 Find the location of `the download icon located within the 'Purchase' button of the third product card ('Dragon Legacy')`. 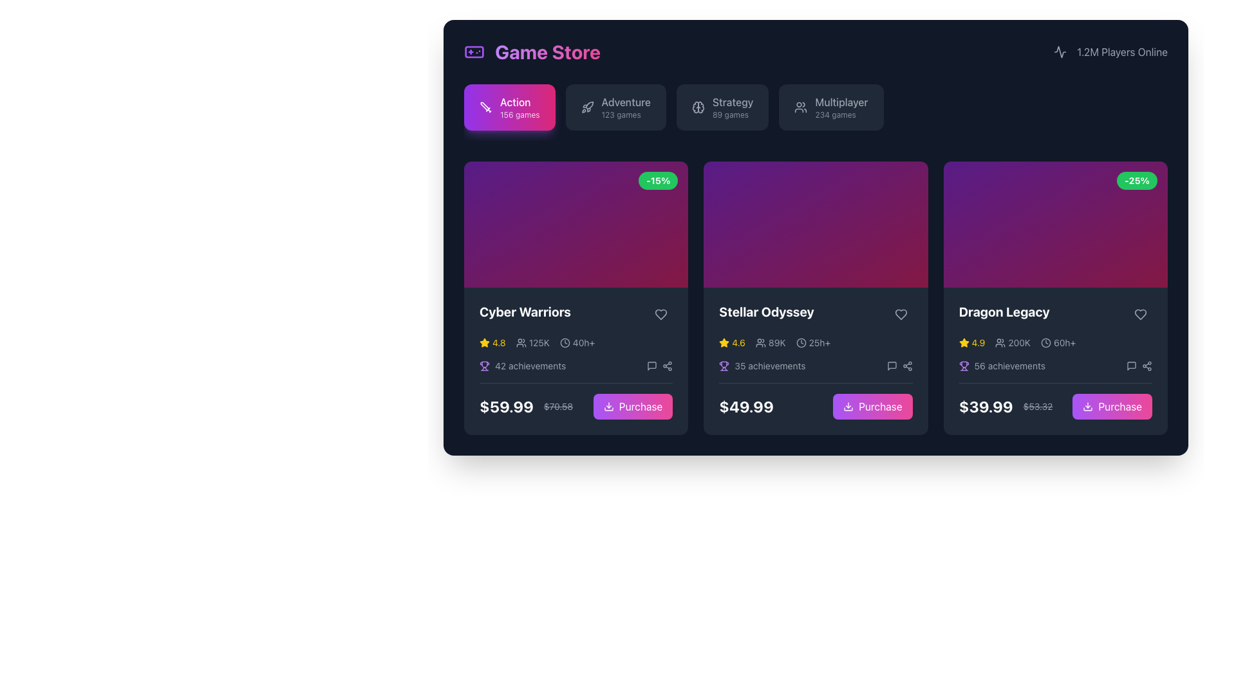

the download icon located within the 'Purchase' button of the third product card ('Dragon Legacy') is located at coordinates (1087, 406).